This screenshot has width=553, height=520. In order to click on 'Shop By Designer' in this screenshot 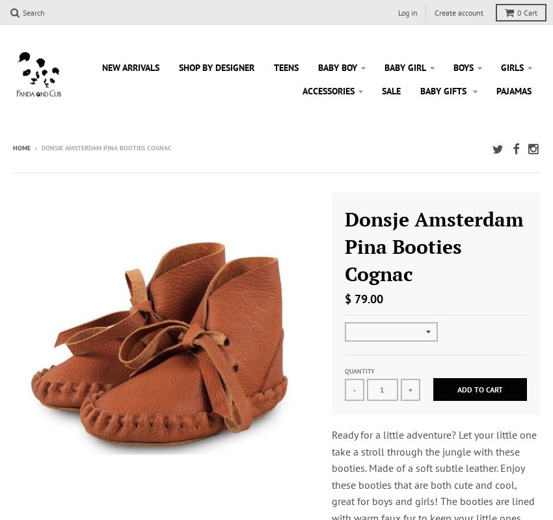, I will do `click(217, 66)`.